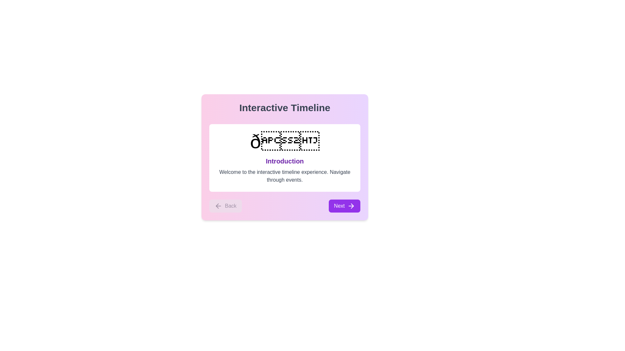  Describe the element at coordinates (225, 206) in the screenshot. I see `the 'Previous' button located in the bottom-left corner of the navigation control system` at that location.